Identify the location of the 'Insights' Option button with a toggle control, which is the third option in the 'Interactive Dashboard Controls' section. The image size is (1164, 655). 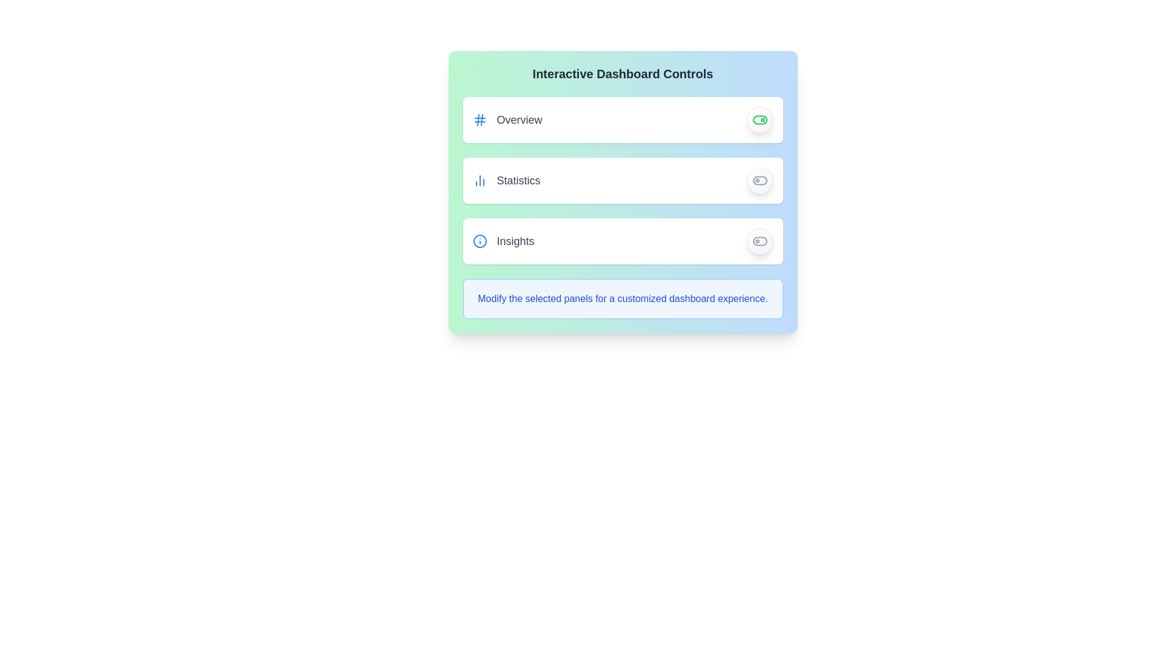
(623, 241).